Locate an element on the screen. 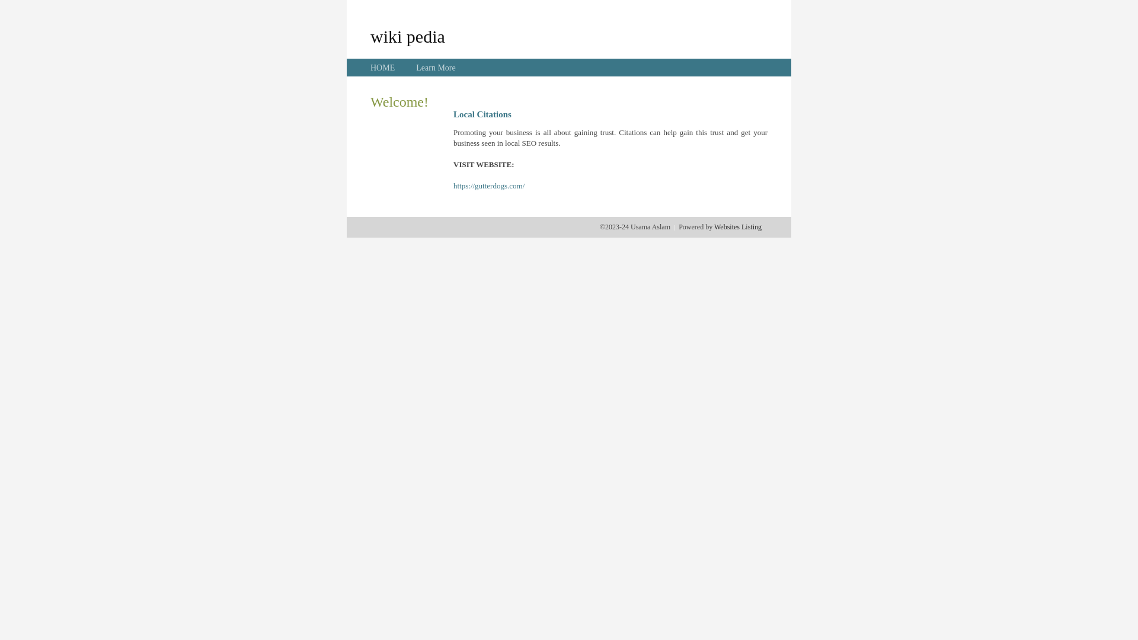 This screenshot has width=1138, height=640. 'Websites Listing' is located at coordinates (737, 226).